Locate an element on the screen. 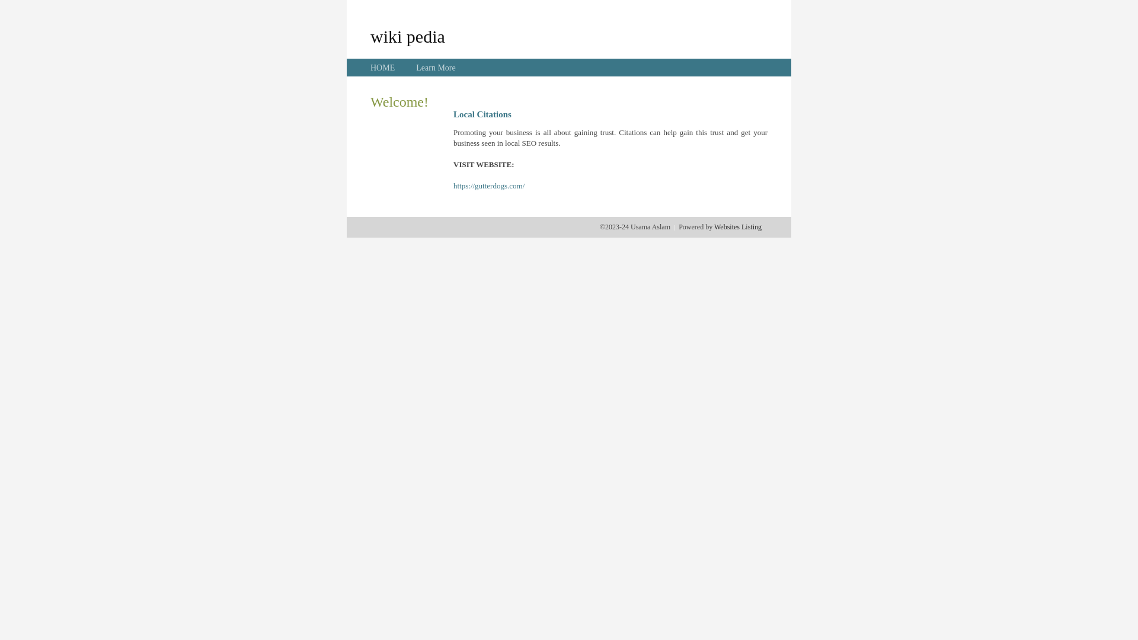 This screenshot has width=1138, height=640. 'Websites Listing' is located at coordinates (737, 226).